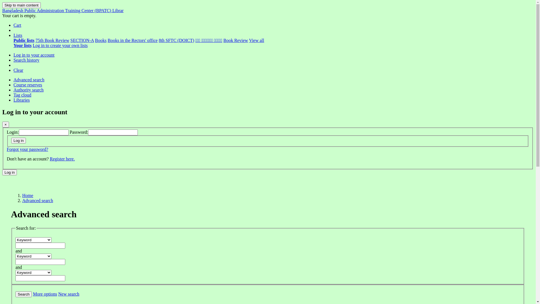  Describe the element at coordinates (24, 40) in the screenshot. I see `'Public lists'` at that location.